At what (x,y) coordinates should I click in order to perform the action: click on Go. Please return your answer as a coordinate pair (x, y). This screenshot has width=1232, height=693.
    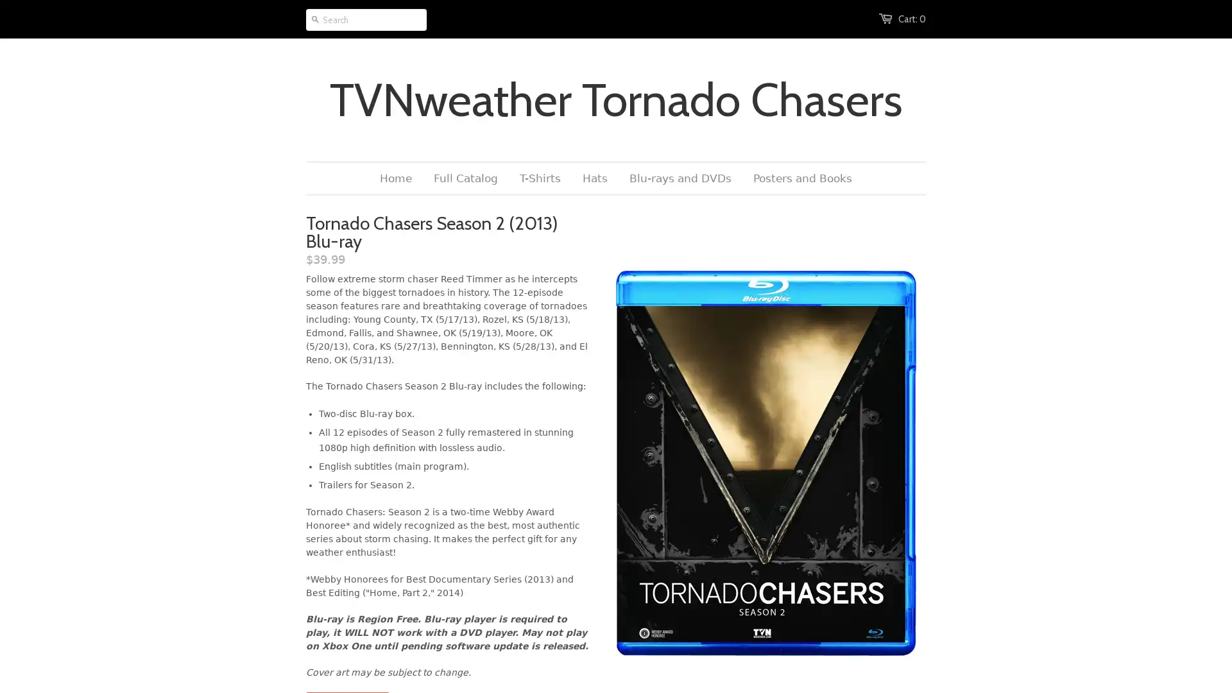
    Looking at the image, I should click on (315, 19).